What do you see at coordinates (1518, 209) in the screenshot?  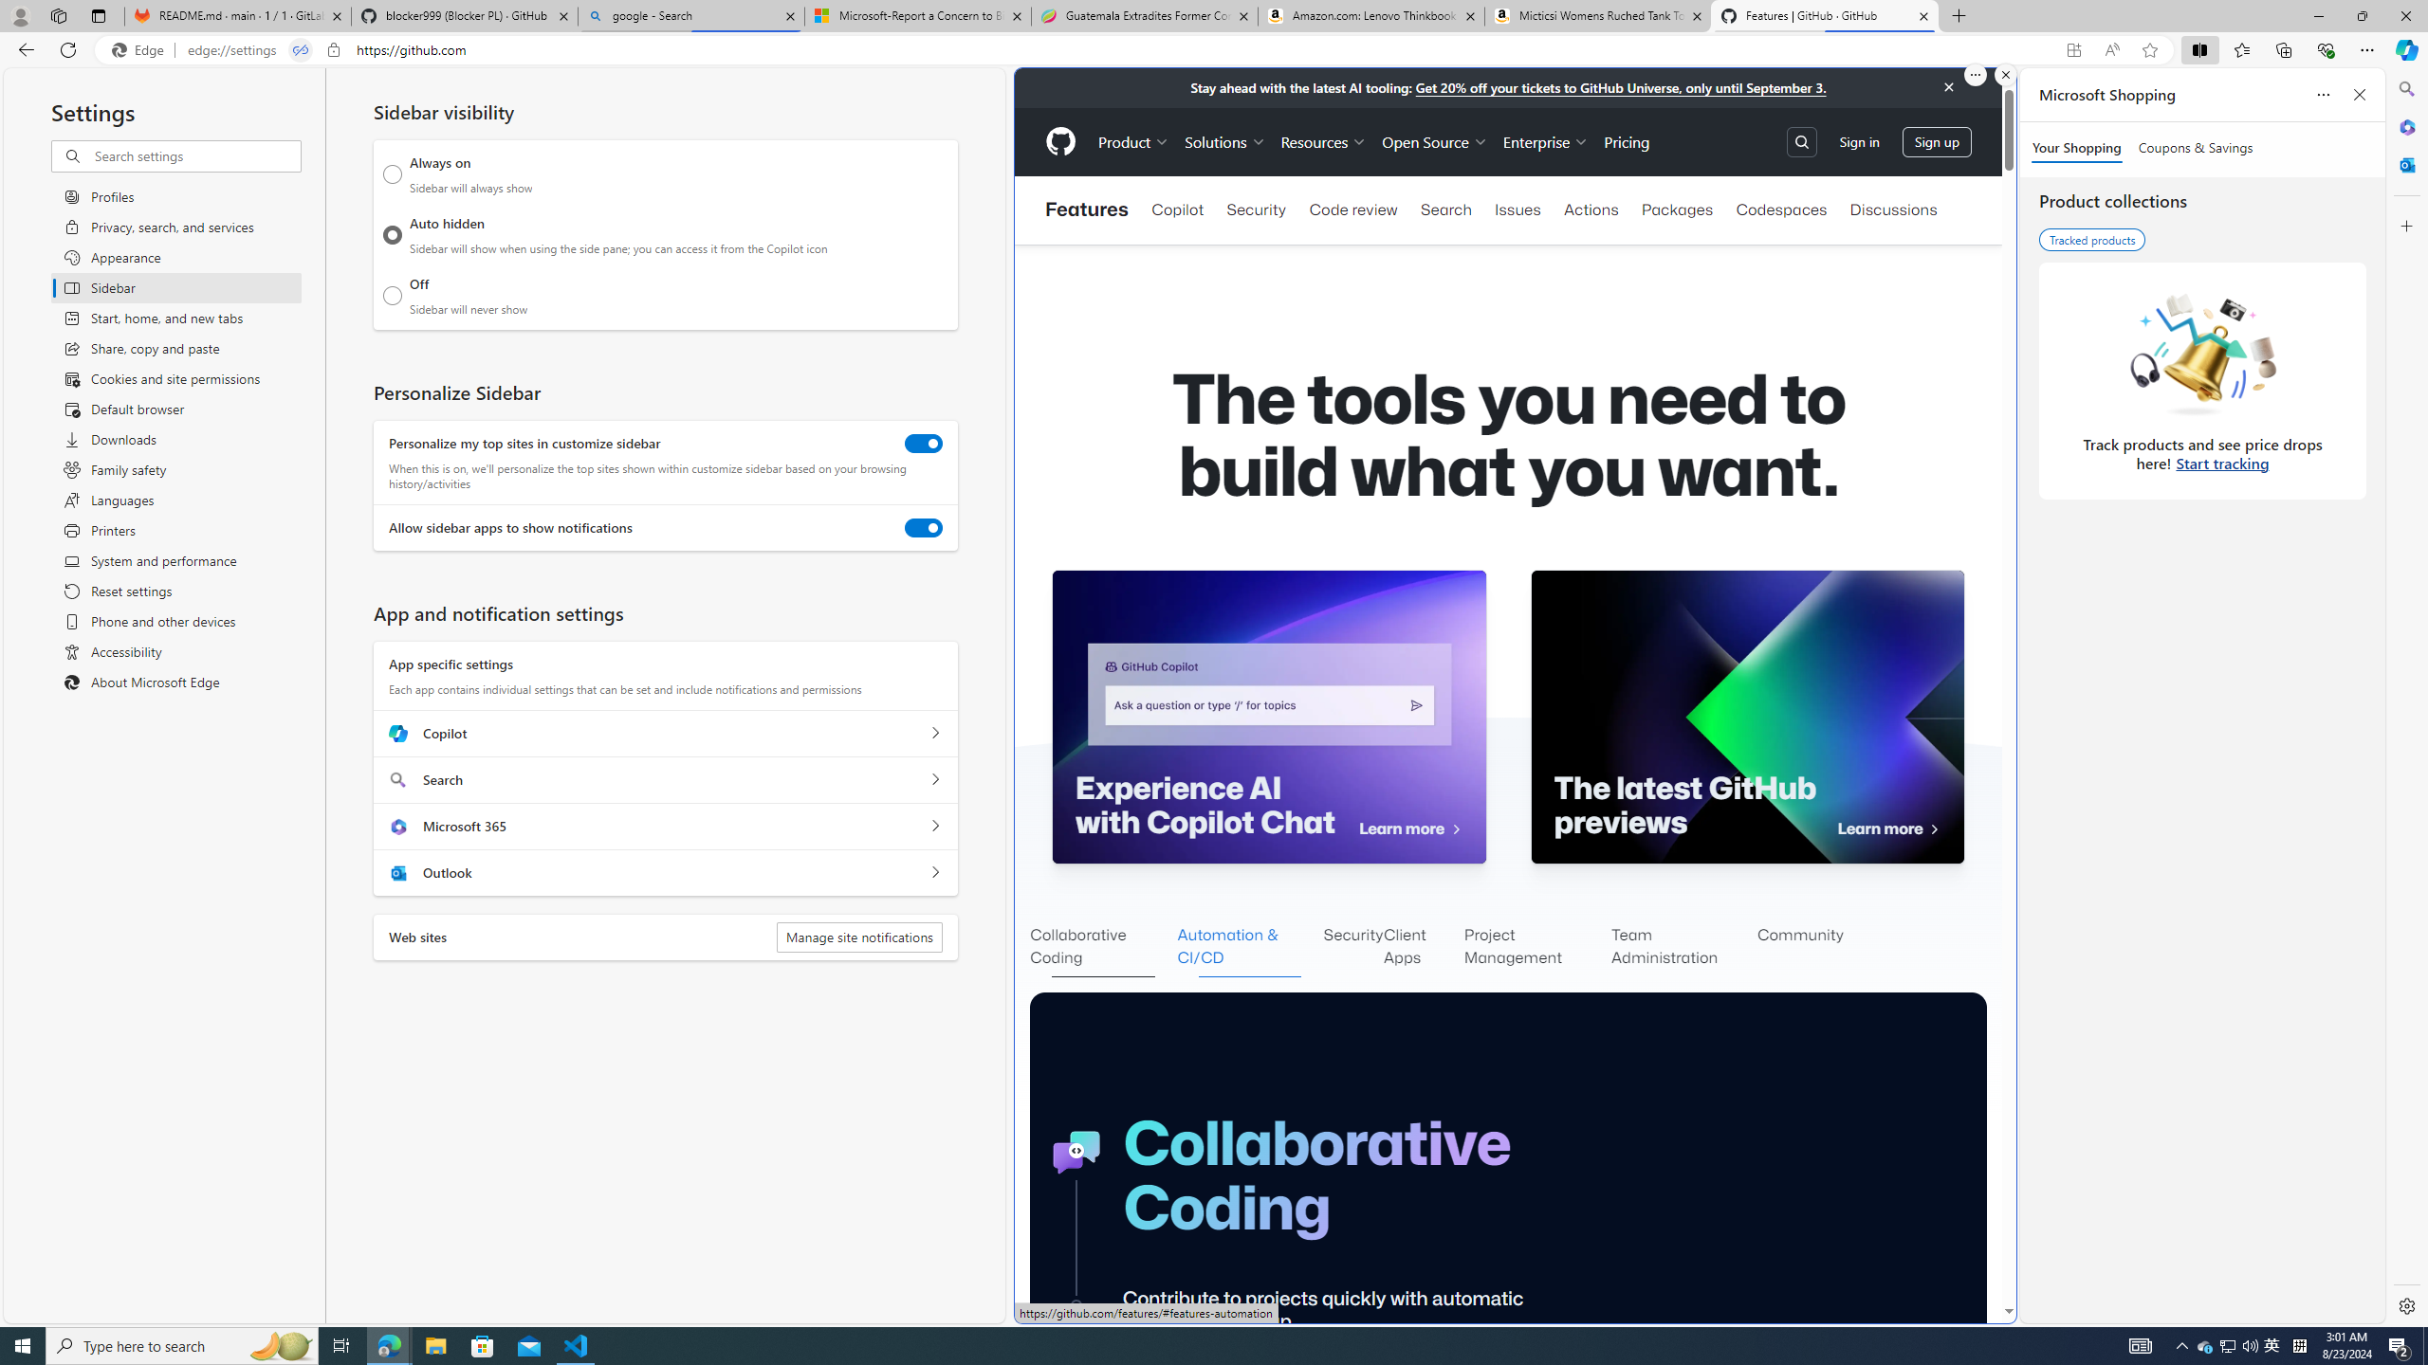 I see `'Issues'` at bounding box center [1518, 209].